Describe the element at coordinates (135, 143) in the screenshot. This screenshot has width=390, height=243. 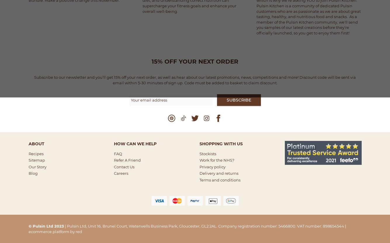
I see `'How can we help'` at that location.